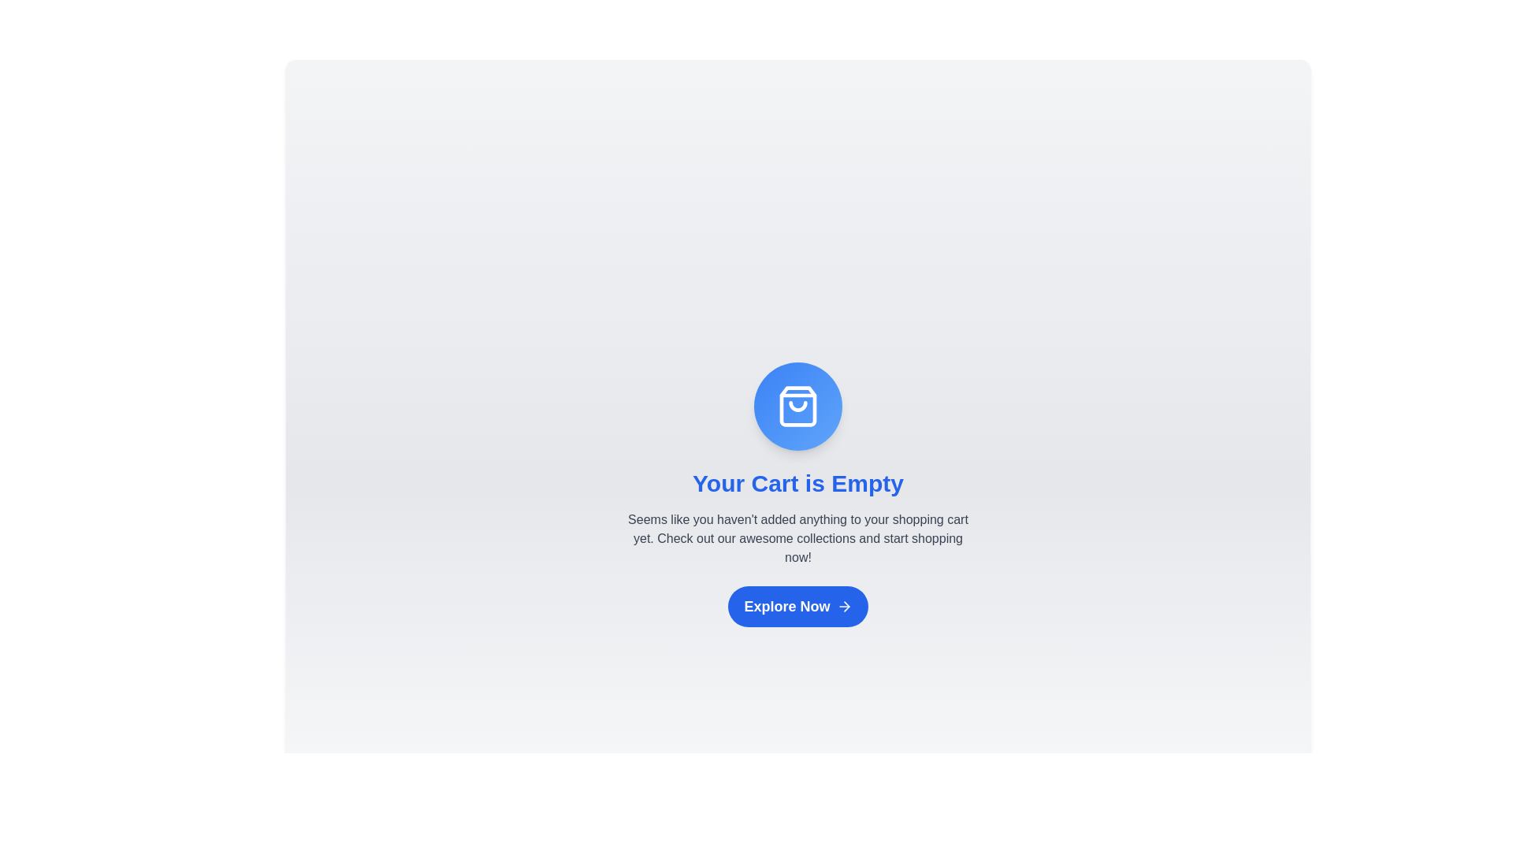 This screenshot has height=851, width=1513. What do you see at coordinates (797, 482) in the screenshot?
I see `the static text label displaying 'Your Cart is Empty', which is styled in bold, 3xl-sized blue font and is positioned below a shopping bag icon and above a descriptive text and a blue button labeled 'Explore Now'` at bounding box center [797, 482].